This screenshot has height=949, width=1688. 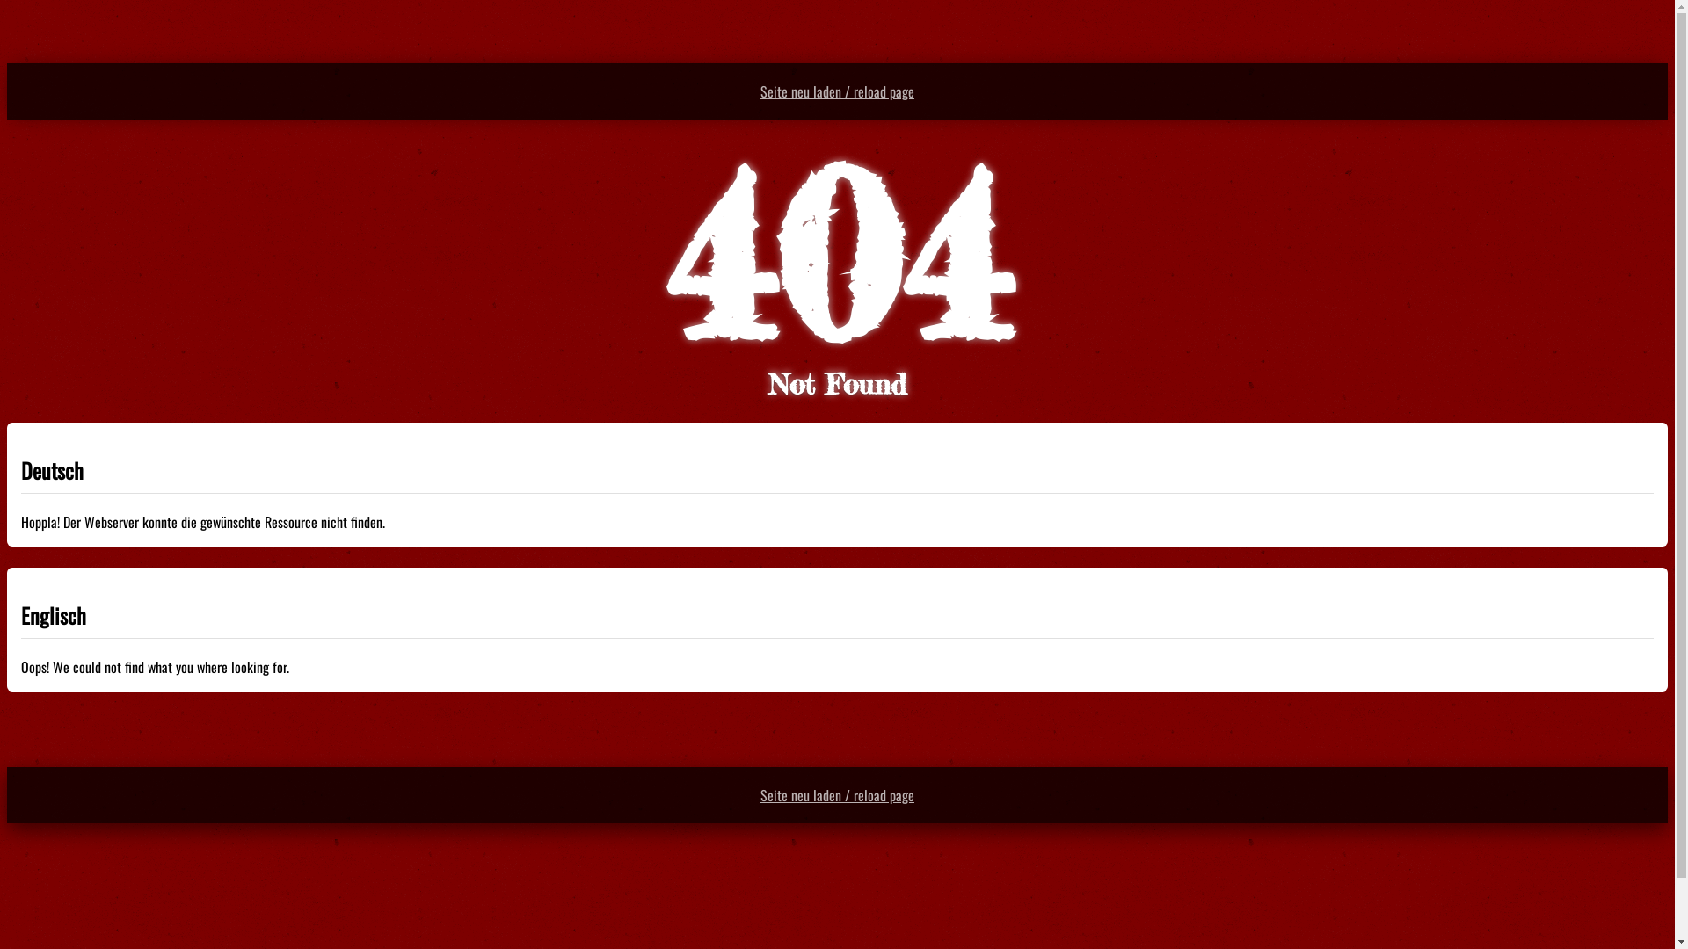 I want to click on 'Seite neu laden / reload page', so click(x=836, y=91).